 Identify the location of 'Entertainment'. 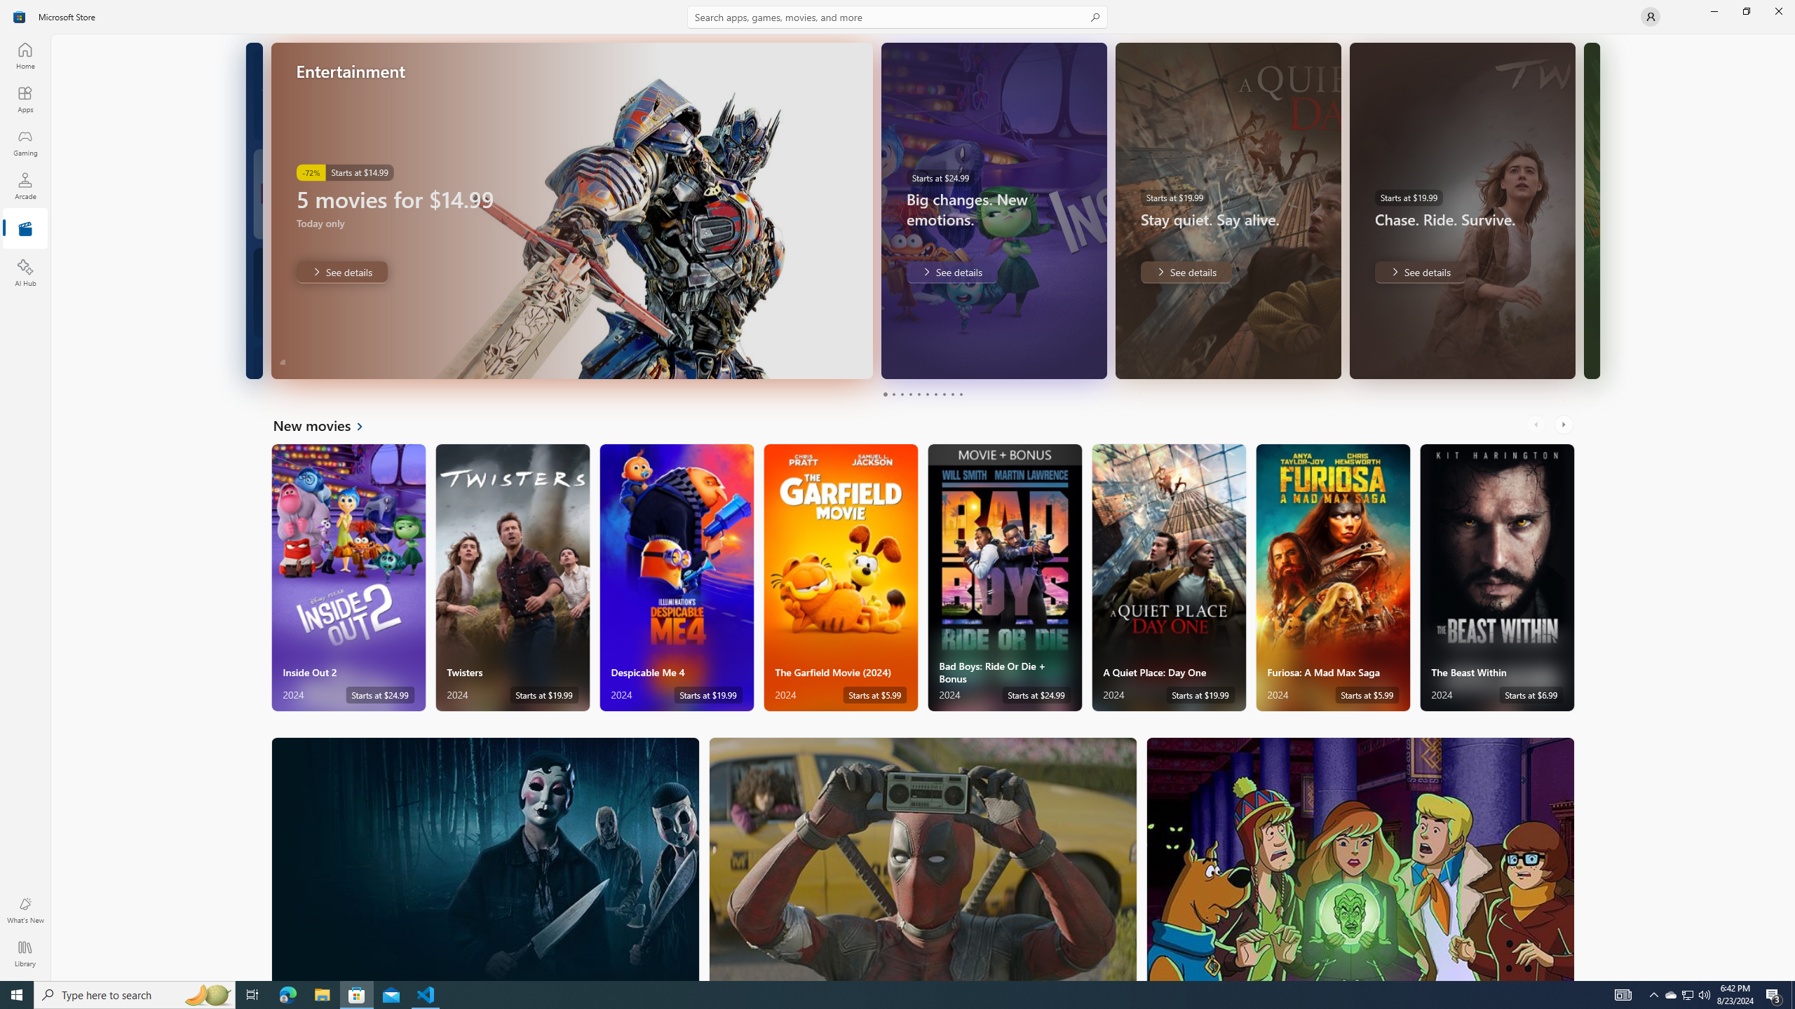
(24, 228).